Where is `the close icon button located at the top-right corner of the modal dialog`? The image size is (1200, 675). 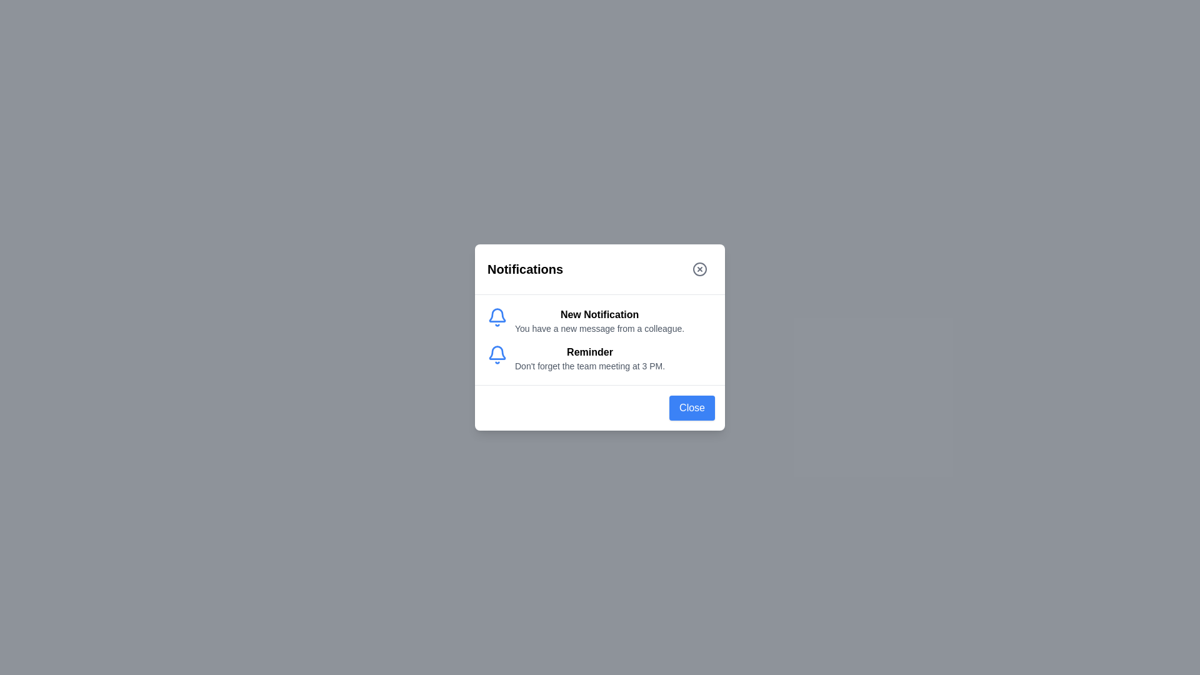
the close icon button located at the top-right corner of the modal dialog is located at coordinates (699, 269).